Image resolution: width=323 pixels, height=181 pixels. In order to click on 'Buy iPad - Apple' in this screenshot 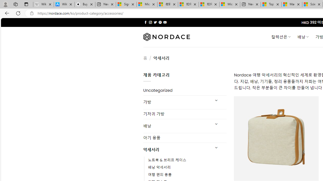, I will do `click(85, 4)`.